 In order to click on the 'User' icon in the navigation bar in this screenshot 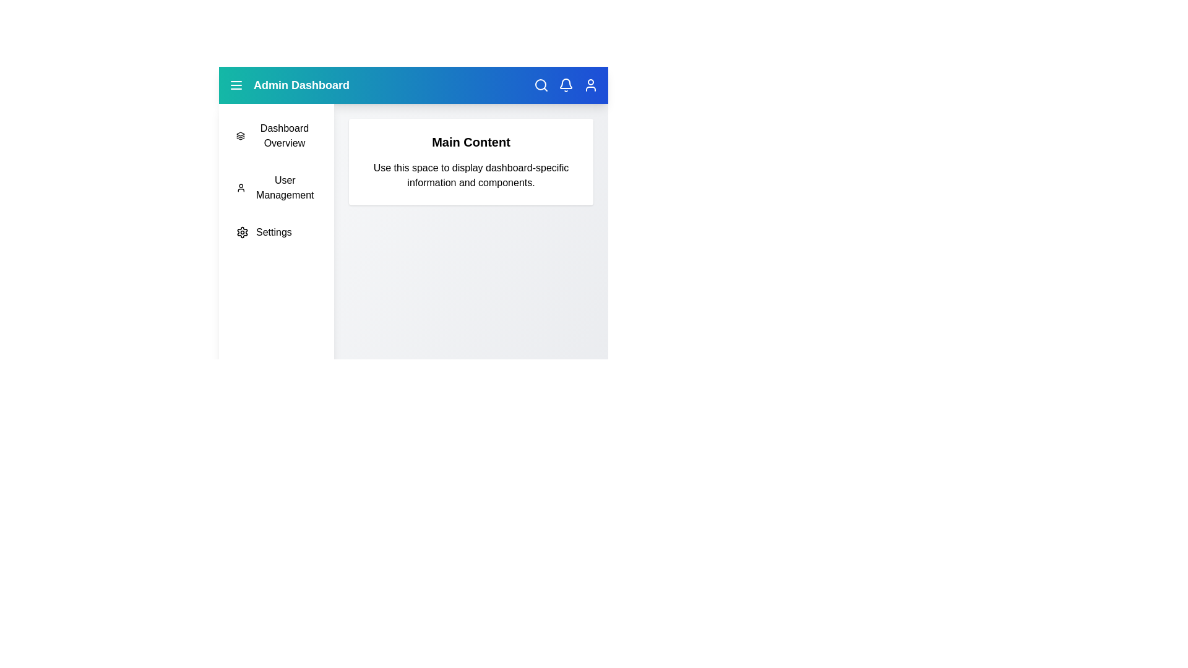, I will do `click(590, 85)`.